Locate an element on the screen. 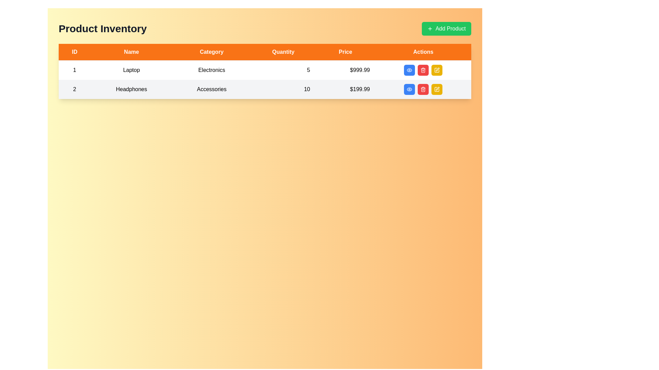 The image size is (659, 370). the price display for 'Headphones' in the second row of the data table, located in the fifth column under the 'Price' category is located at coordinates (345, 89).